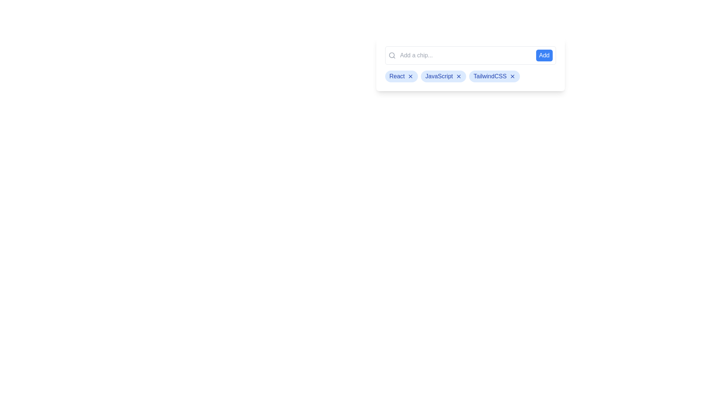 The height and width of the screenshot is (397, 707). What do you see at coordinates (465, 55) in the screenshot?
I see `the input field and type the text 'example'` at bounding box center [465, 55].